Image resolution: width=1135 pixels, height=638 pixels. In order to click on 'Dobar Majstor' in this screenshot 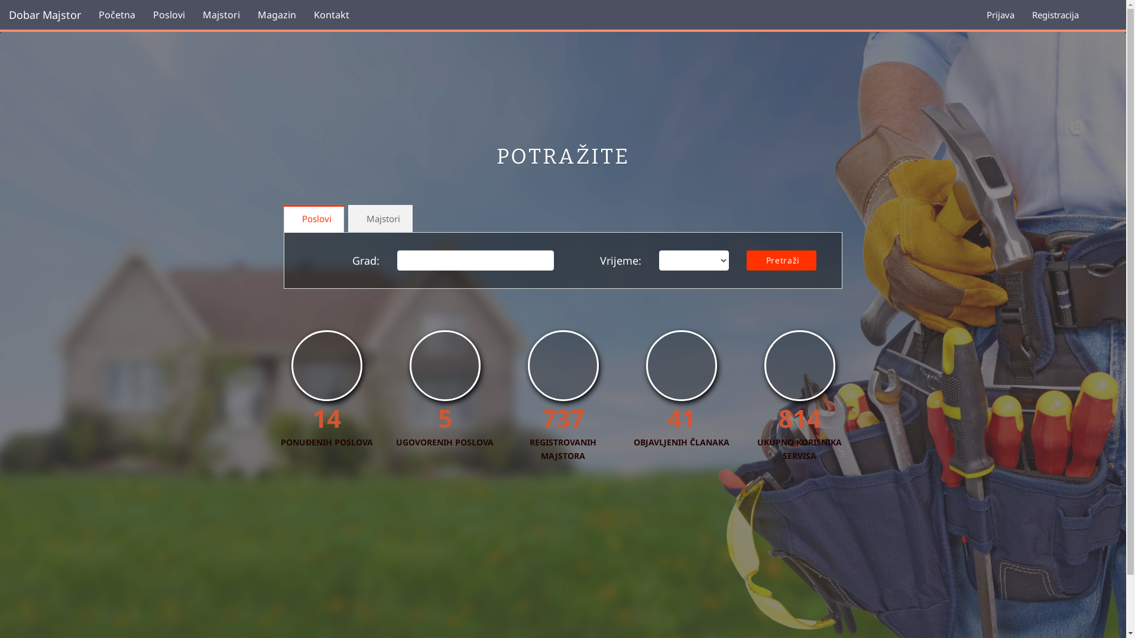, I will do `click(45, 14)`.